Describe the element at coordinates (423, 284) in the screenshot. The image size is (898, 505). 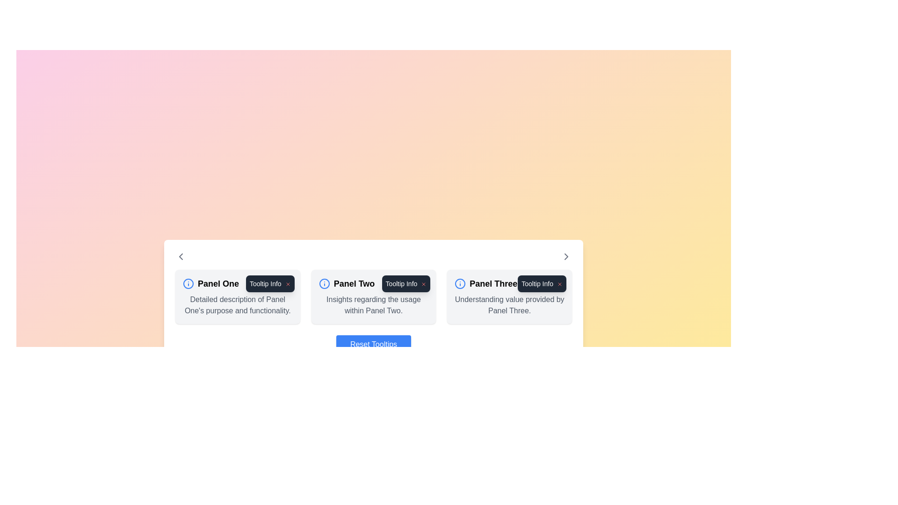
I see `the Close button located at the top-right corner of the tooltip associated with 'Panel Two'` at that location.